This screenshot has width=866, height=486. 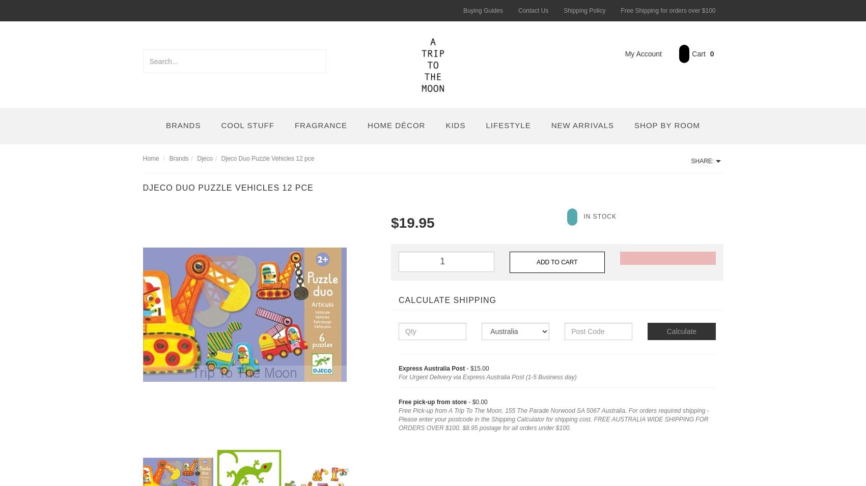 I want to click on 'Calculate', so click(x=681, y=331).